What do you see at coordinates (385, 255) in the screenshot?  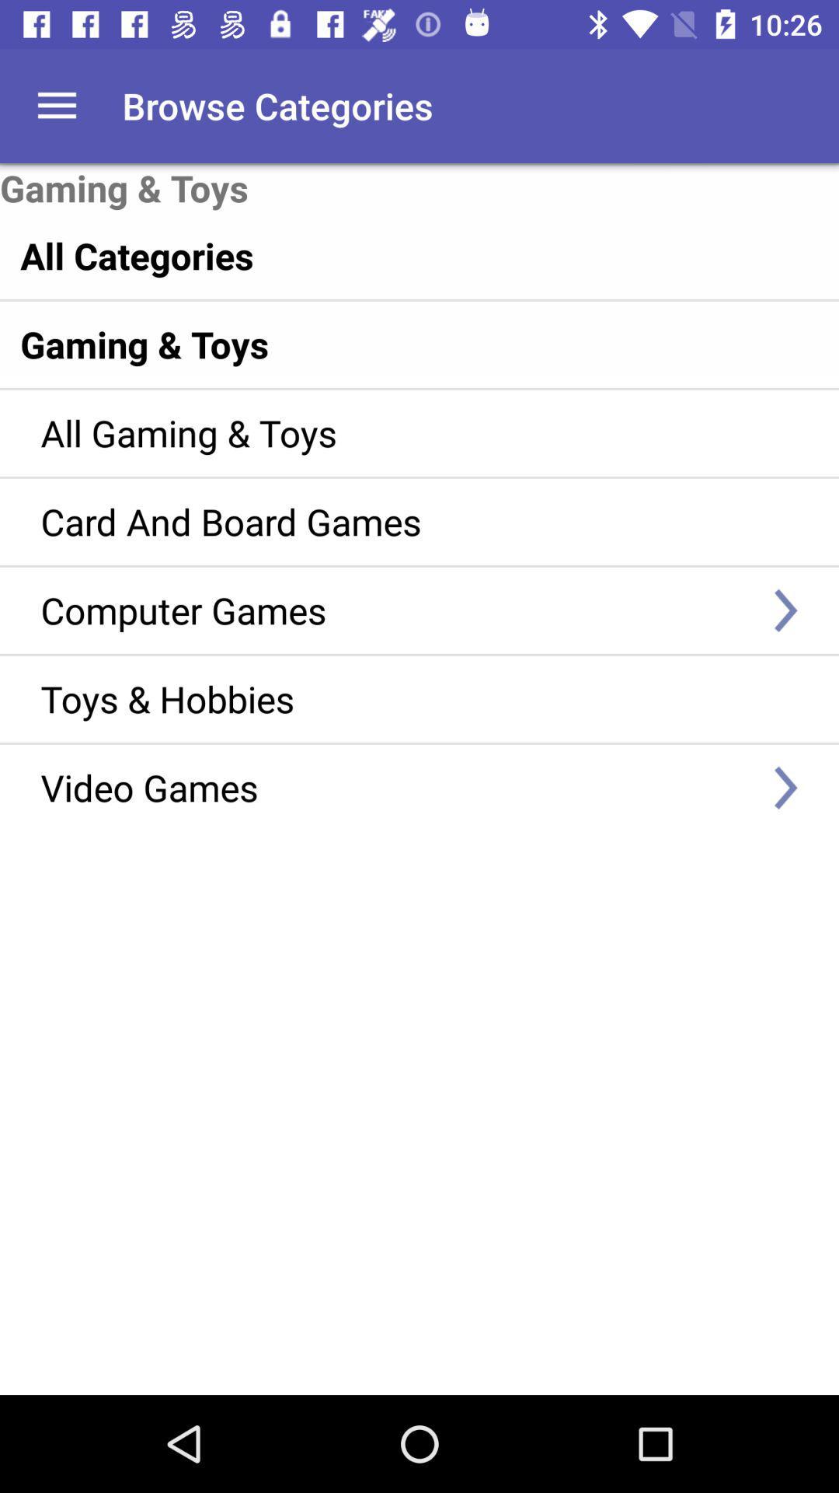 I see `all categories` at bounding box center [385, 255].